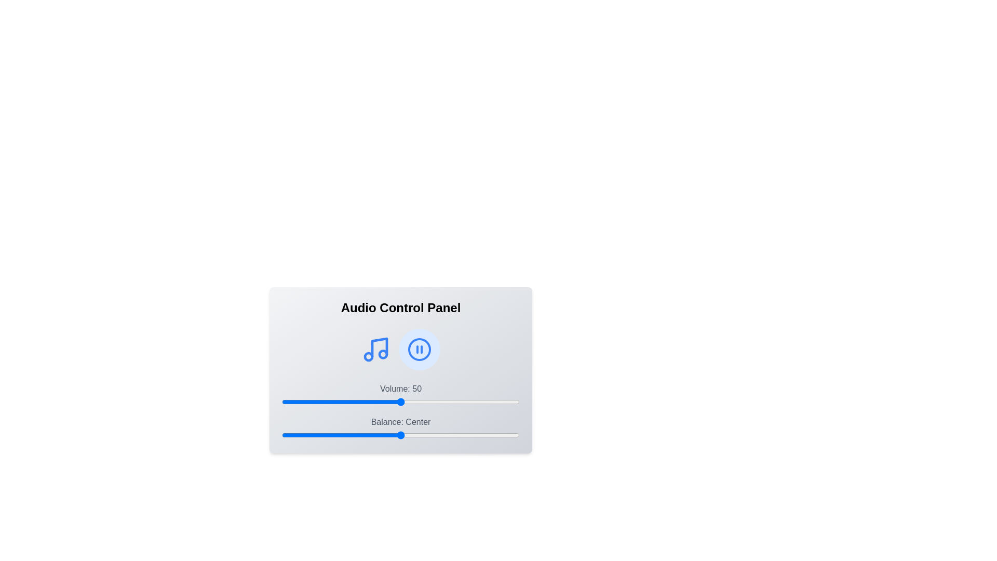 This screenshot has height=561, width=997. What do you see at coordinates (309, 435) in the screenshot?
I see `the balance` at bounding box center [309, 435].